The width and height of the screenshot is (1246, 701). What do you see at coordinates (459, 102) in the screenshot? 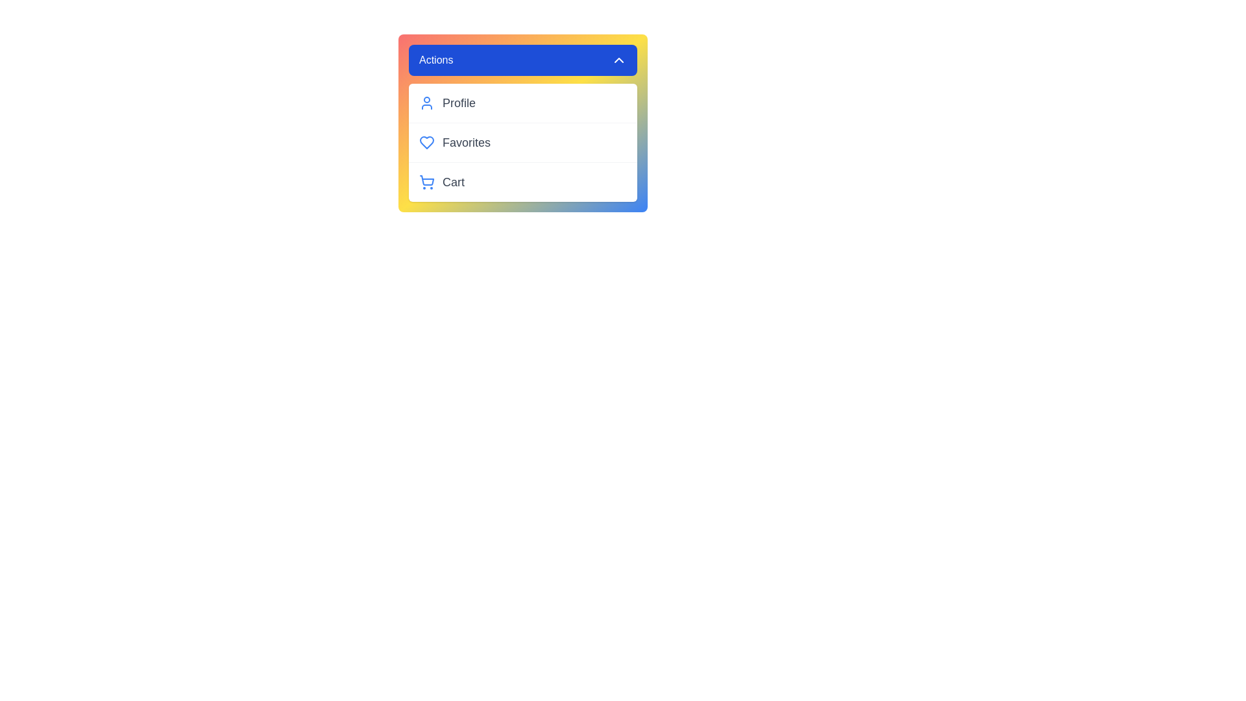
I see `the 'Profile' text label in the dropdown menu under the 'Actions' section to receive UI feedback` at bounding box center [459, 102].